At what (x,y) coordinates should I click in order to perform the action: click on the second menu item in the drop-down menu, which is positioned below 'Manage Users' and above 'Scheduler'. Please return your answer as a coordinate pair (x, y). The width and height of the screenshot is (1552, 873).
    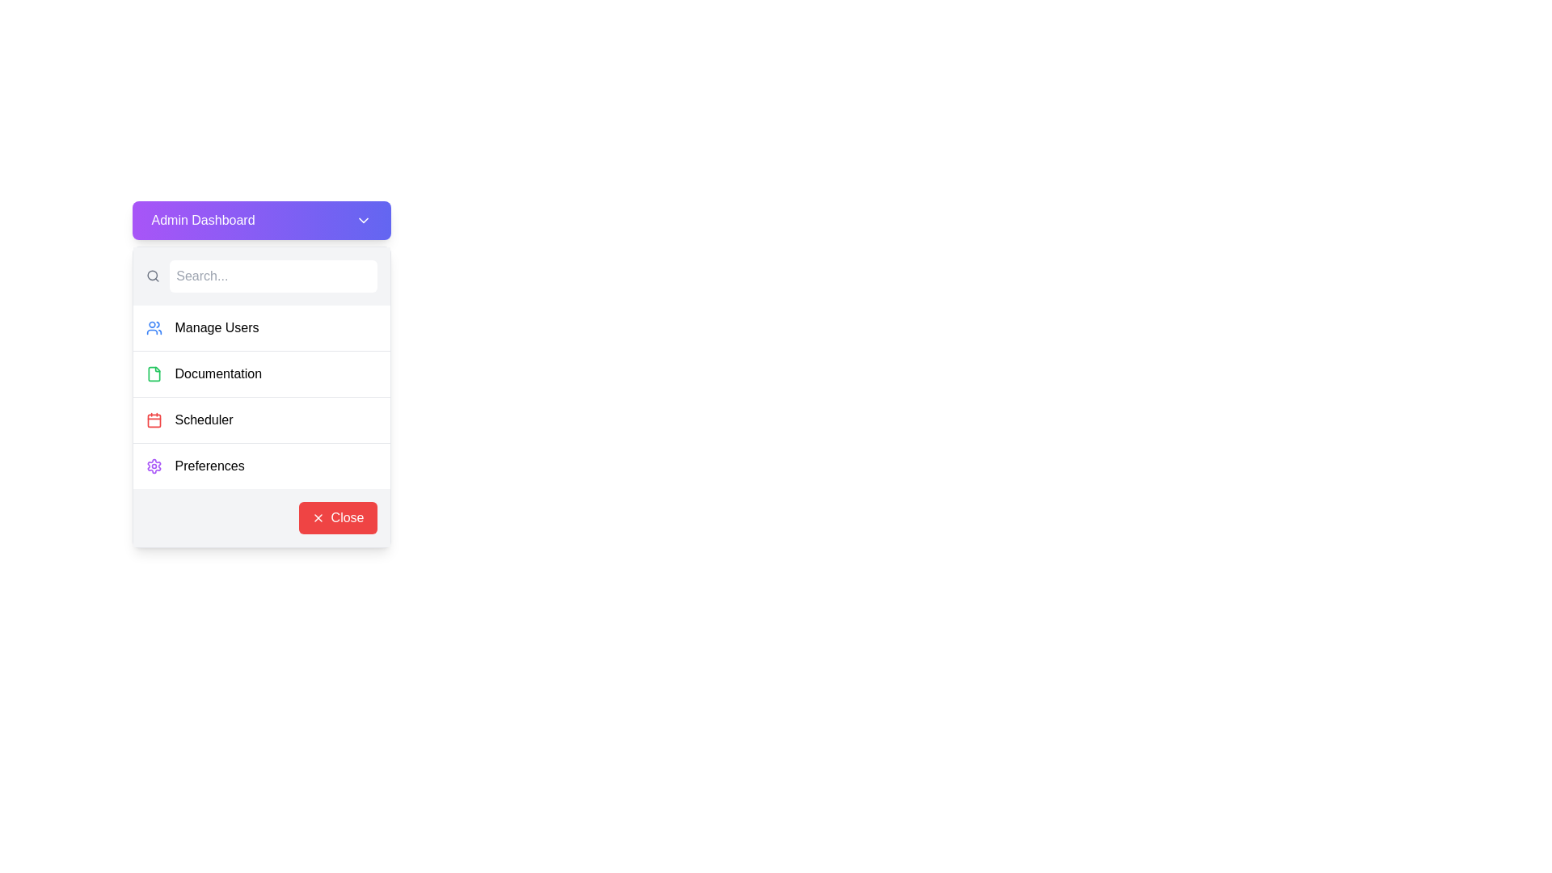
    Looking at the image, I should click on (261, 373).